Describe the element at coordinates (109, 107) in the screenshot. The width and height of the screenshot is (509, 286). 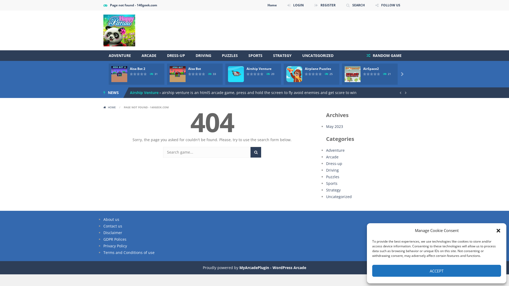
I see `'HOME'` at that location.